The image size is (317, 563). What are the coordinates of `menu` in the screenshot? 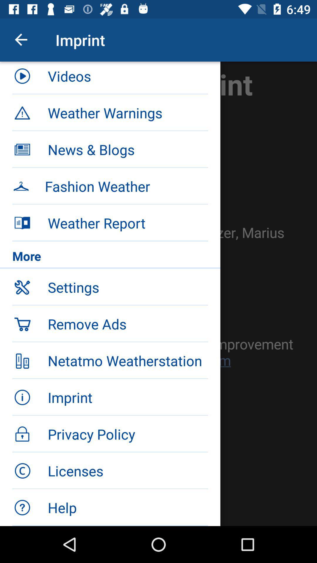 It's located at (158, 294).